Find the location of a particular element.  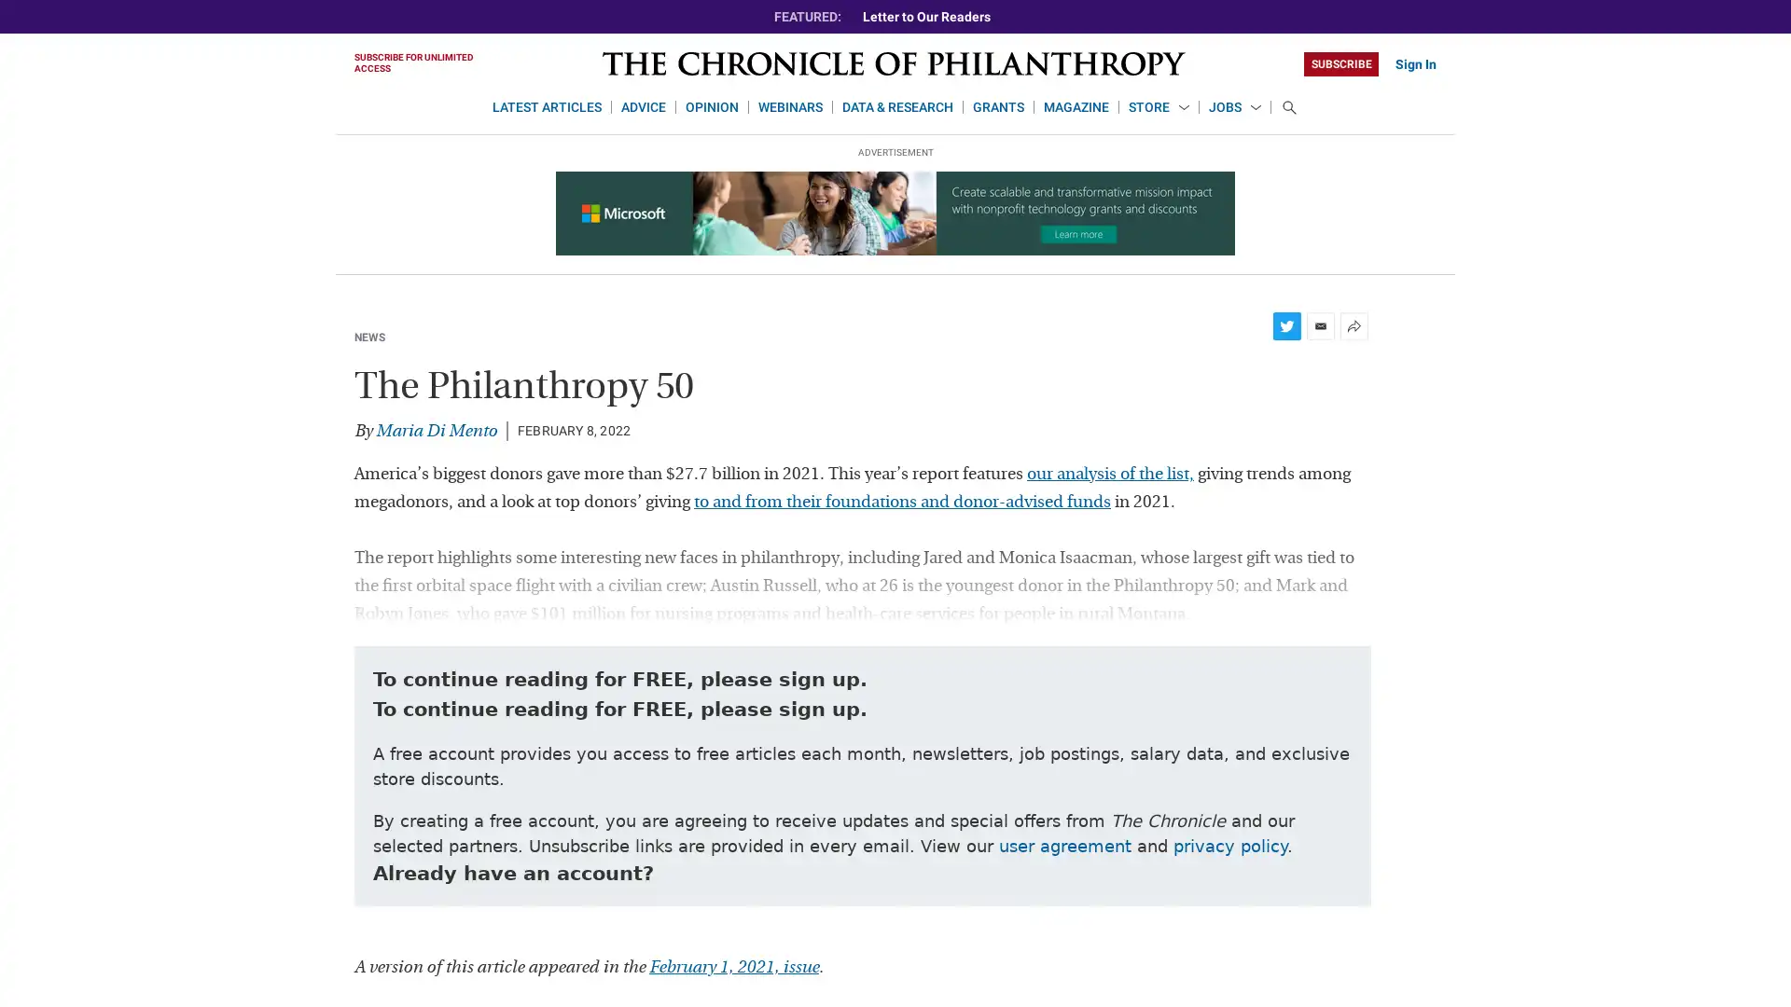

Open Sub Navigation is located at coordinates (1255, 108).